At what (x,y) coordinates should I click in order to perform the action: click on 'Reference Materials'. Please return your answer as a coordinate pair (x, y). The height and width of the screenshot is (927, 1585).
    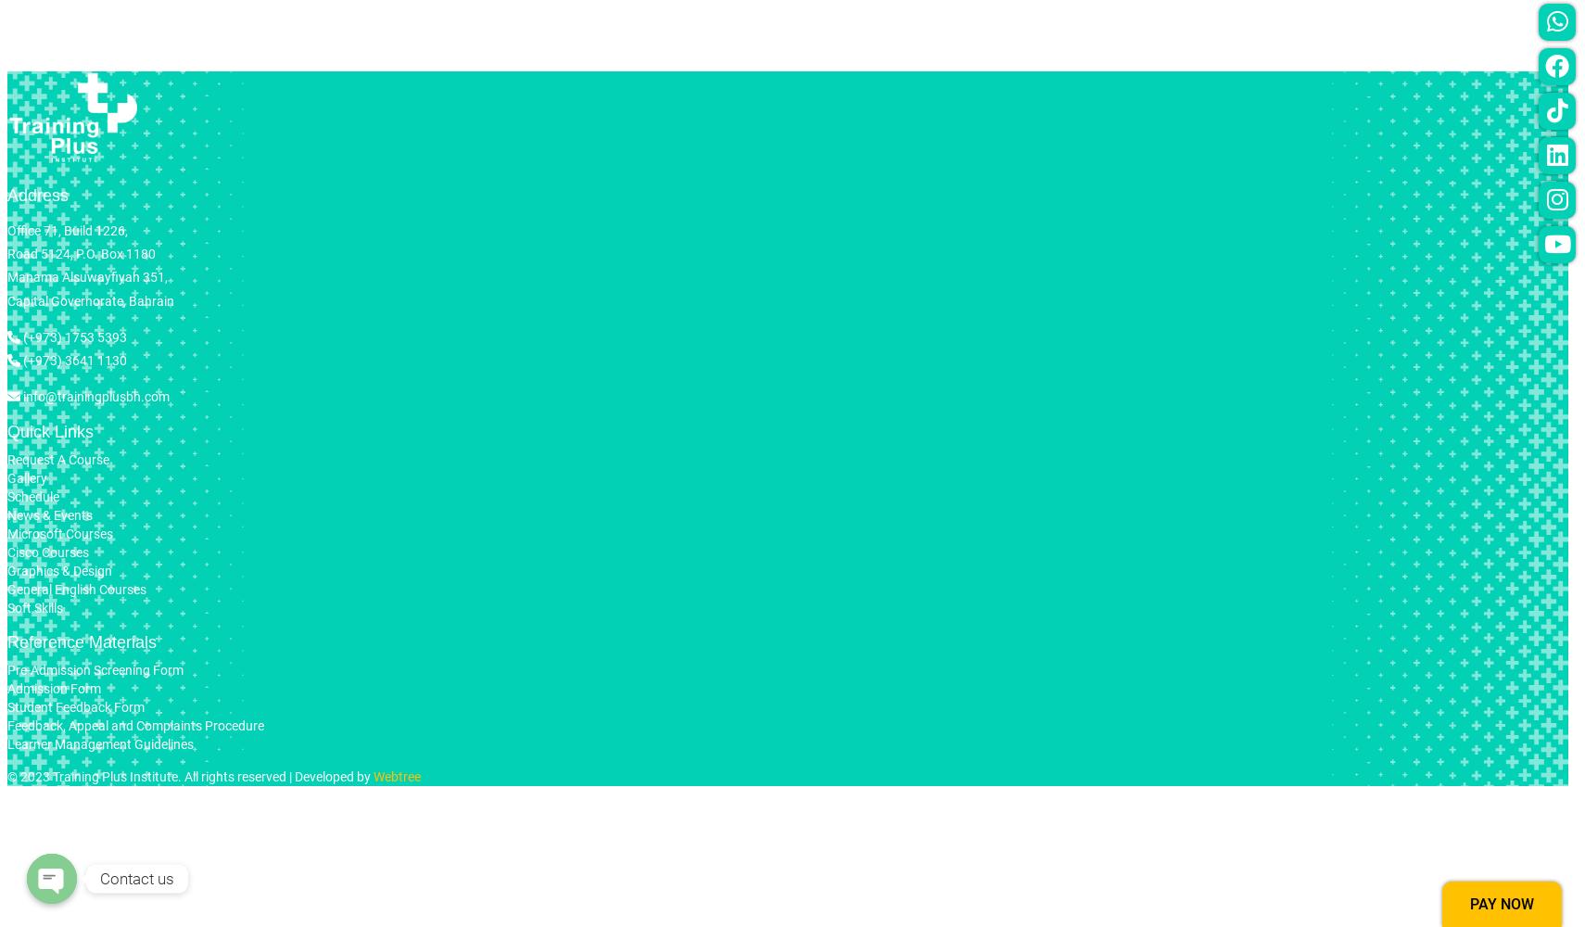
    Looking at the image, I should click on (81, 641).